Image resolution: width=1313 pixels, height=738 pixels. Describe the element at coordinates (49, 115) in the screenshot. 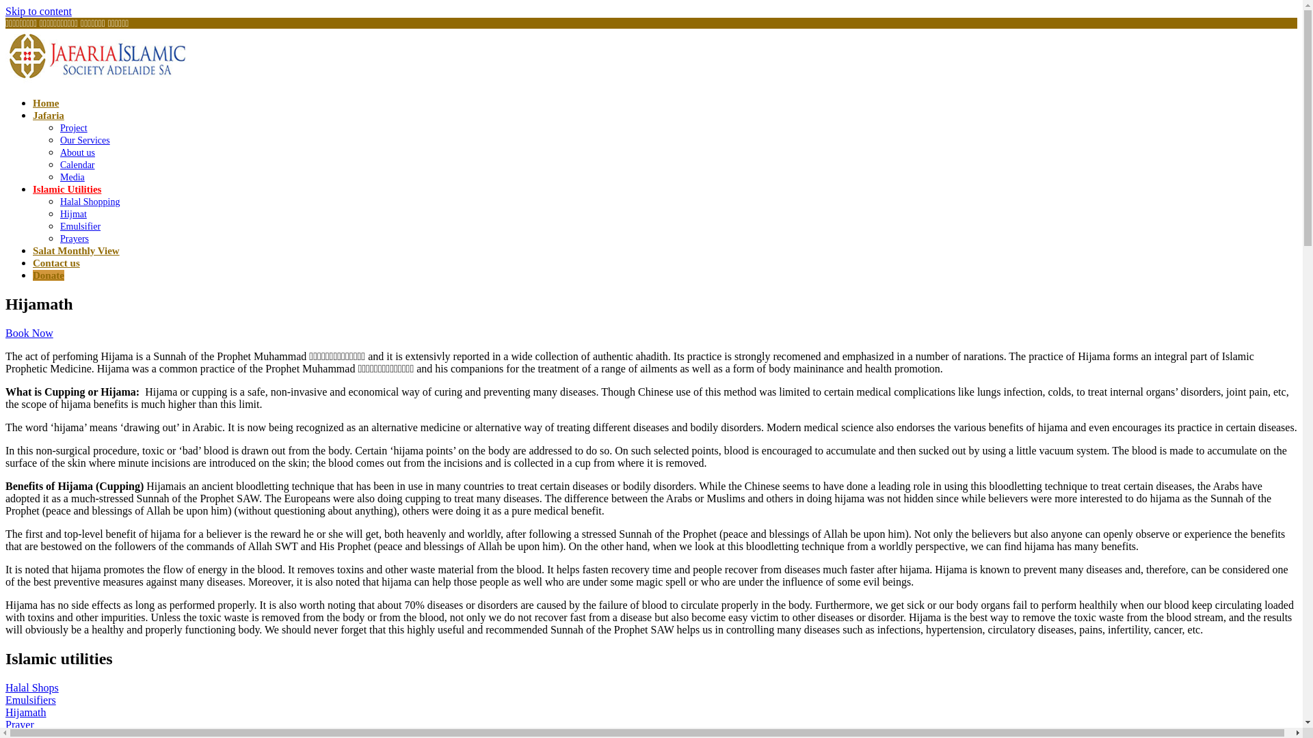

I see `'Jafaria'` at that location.